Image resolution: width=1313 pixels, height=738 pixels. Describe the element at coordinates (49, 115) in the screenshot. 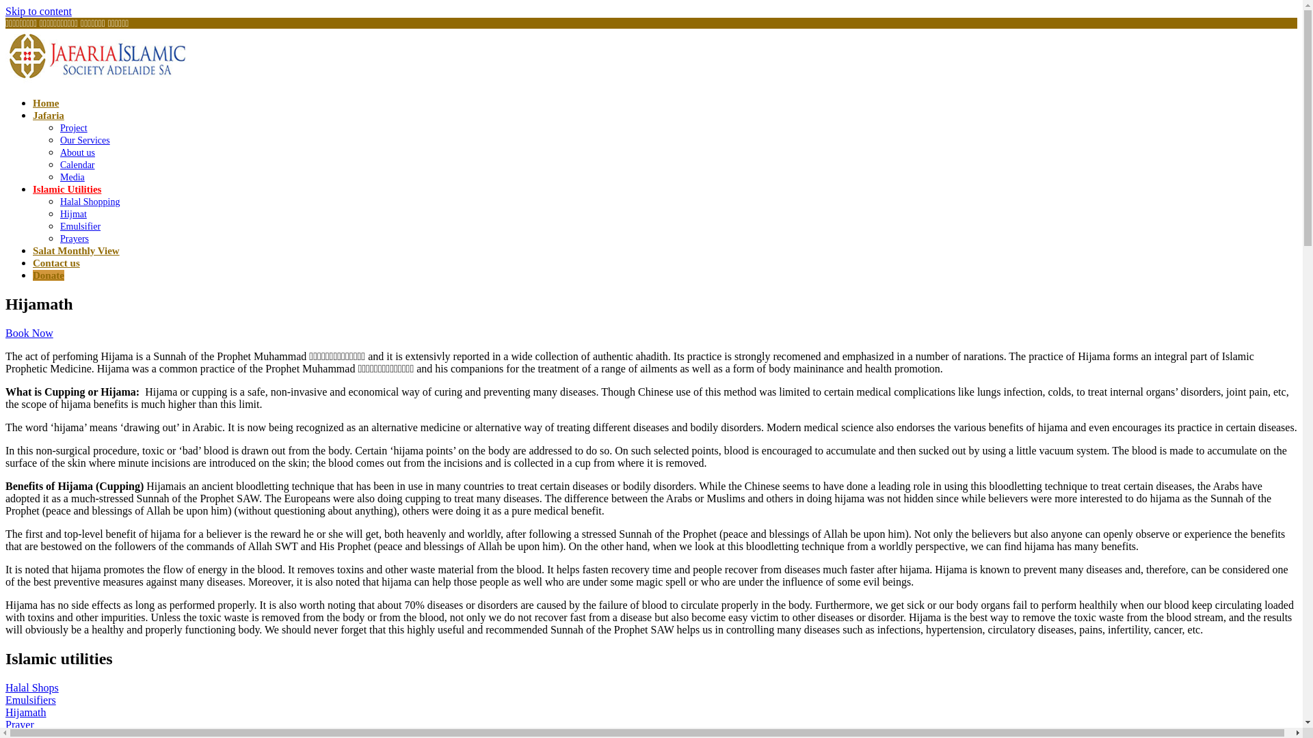

I see `'Jafaria'` at that location.